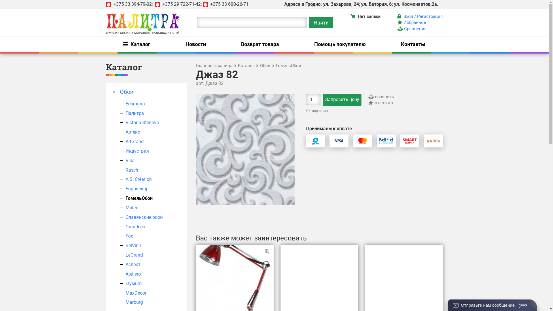  What do you see at coordinates (125, 122) in the screenshot?
I see `'Victoria Stenova'` at bounding box center [125, 122].